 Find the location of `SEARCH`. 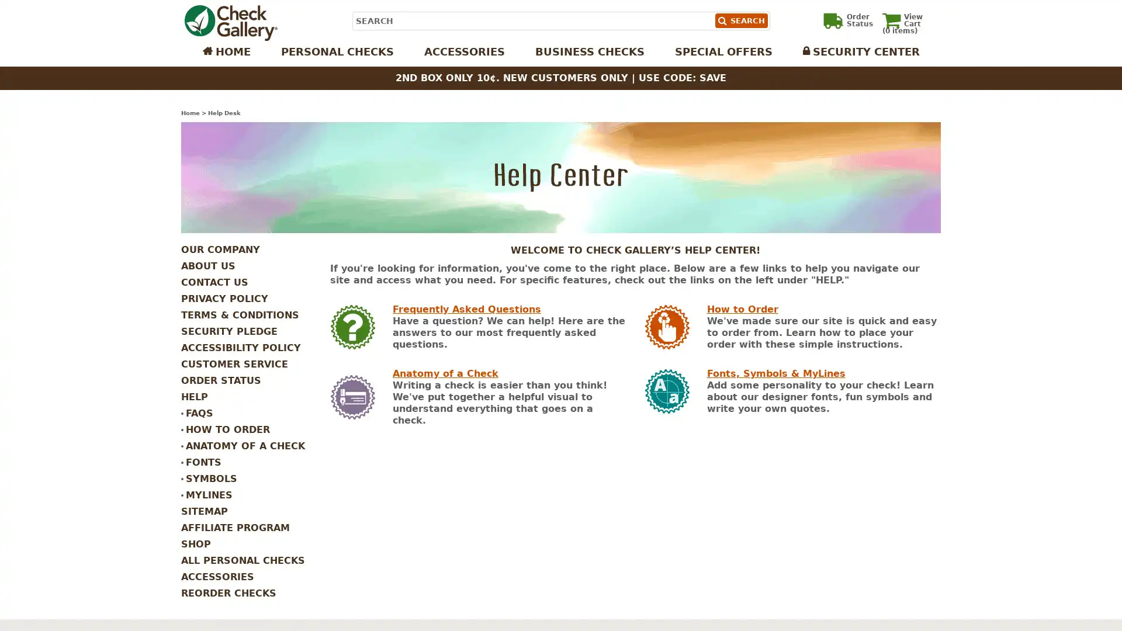

SEARCH is located at coordinates (740, 20).